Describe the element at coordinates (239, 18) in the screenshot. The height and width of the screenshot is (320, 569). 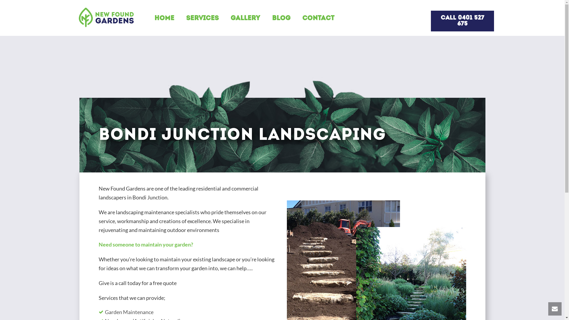
I see `'Gallery'` at that location.